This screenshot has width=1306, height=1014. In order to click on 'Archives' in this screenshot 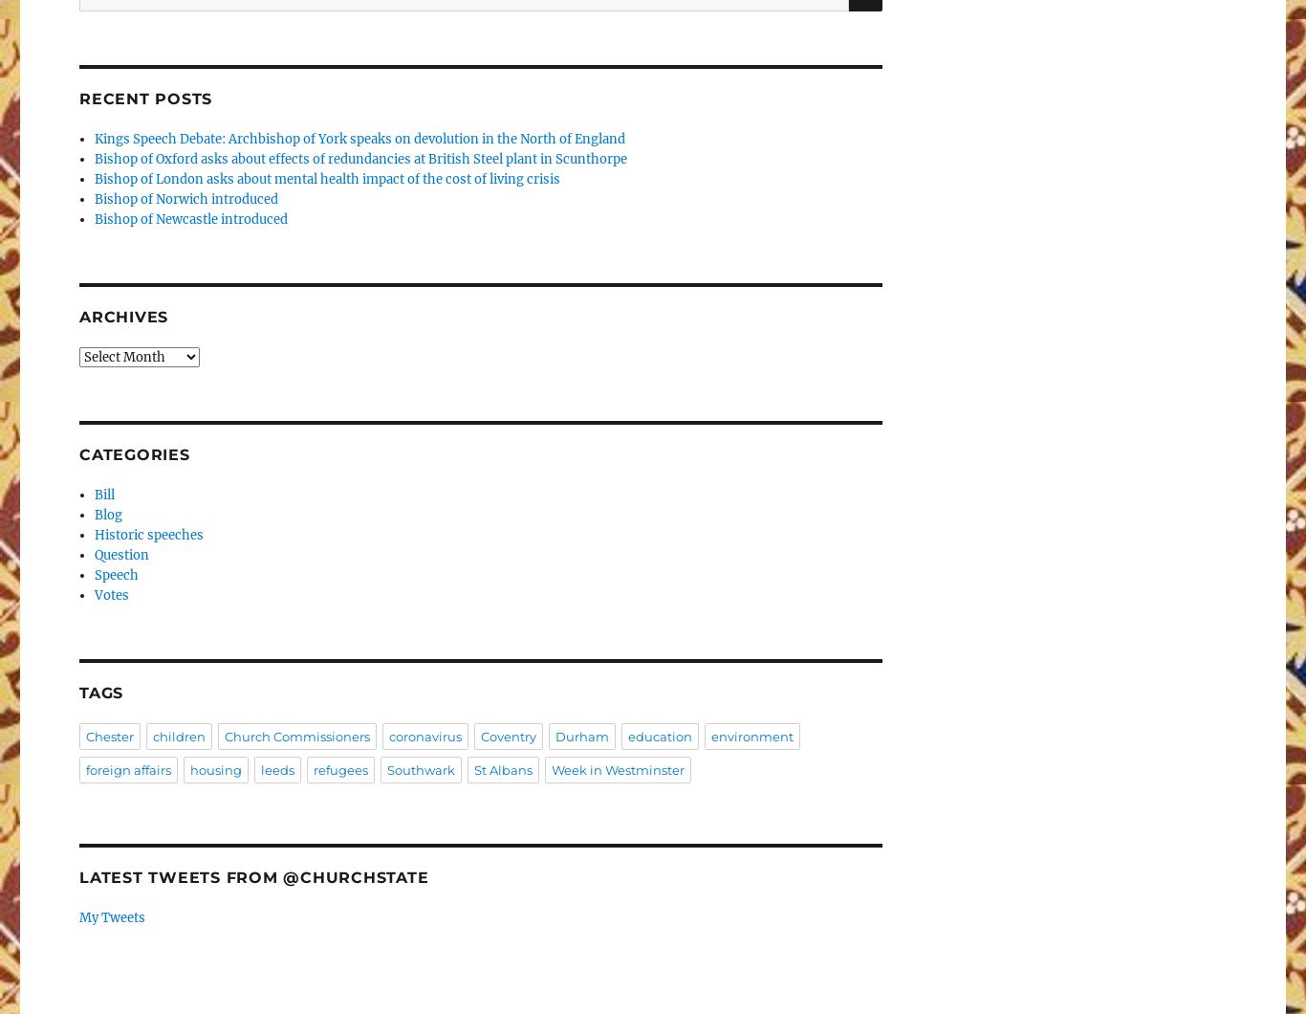, I will do `click(122, 316)`.